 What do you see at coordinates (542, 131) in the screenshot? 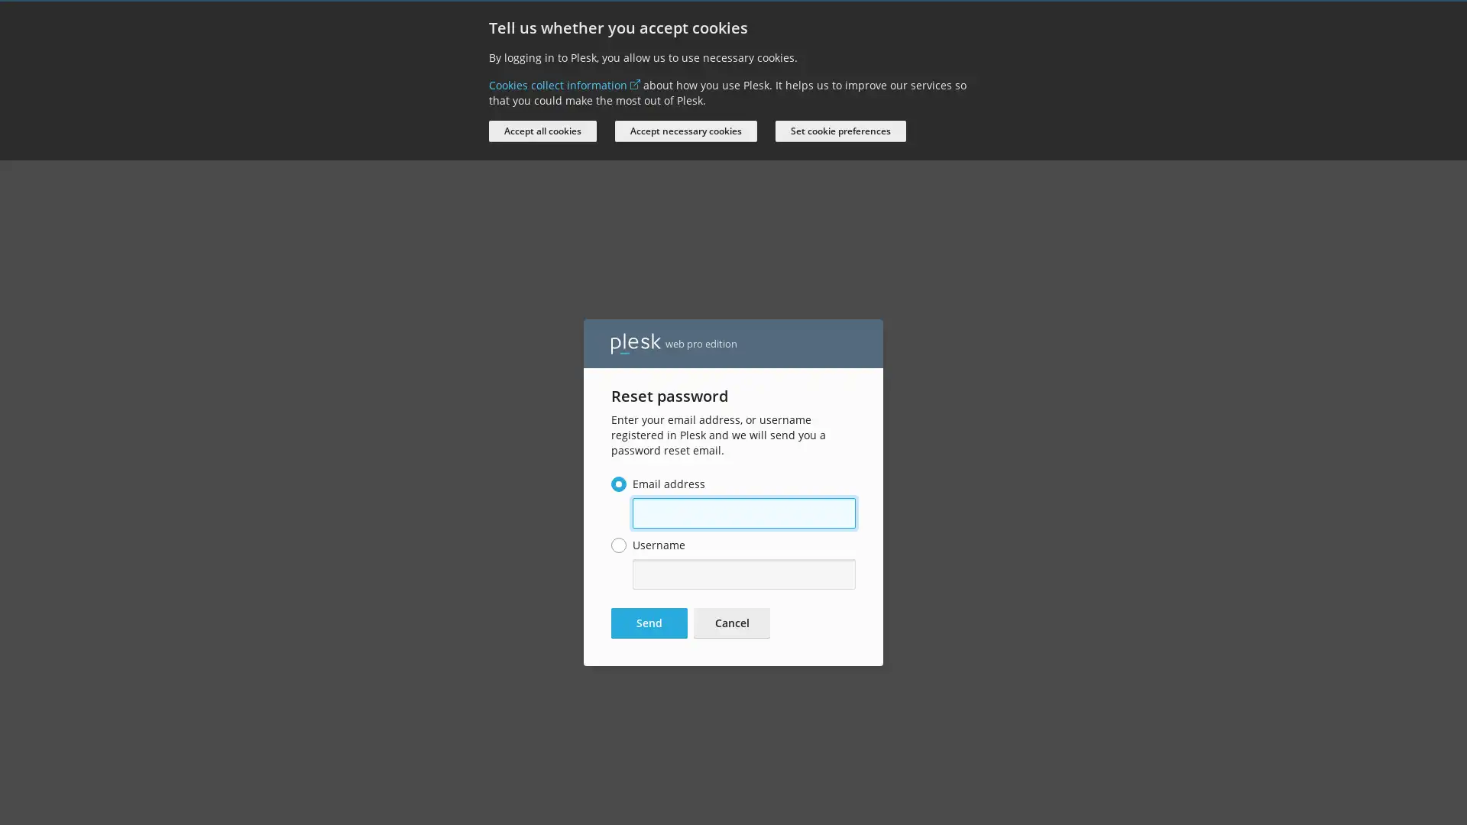
I see `Accept all cookies` at bounding box center [542, 131].